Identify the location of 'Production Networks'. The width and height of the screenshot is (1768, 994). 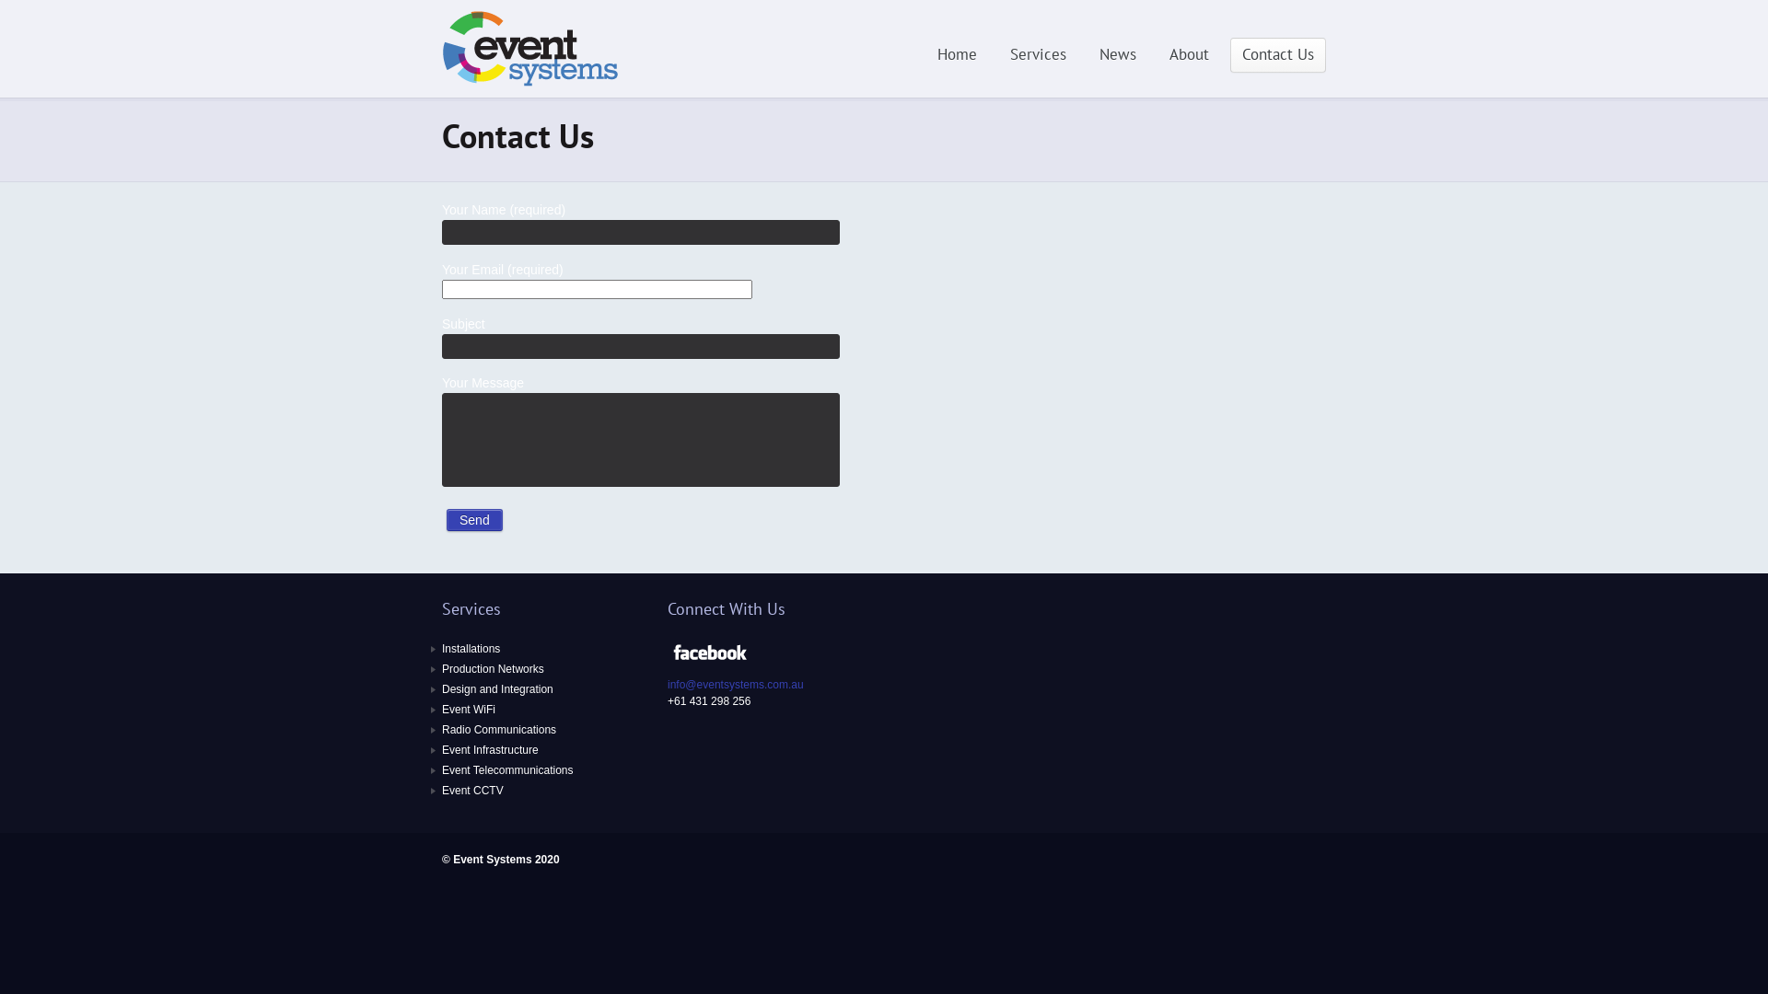
(493, 668).